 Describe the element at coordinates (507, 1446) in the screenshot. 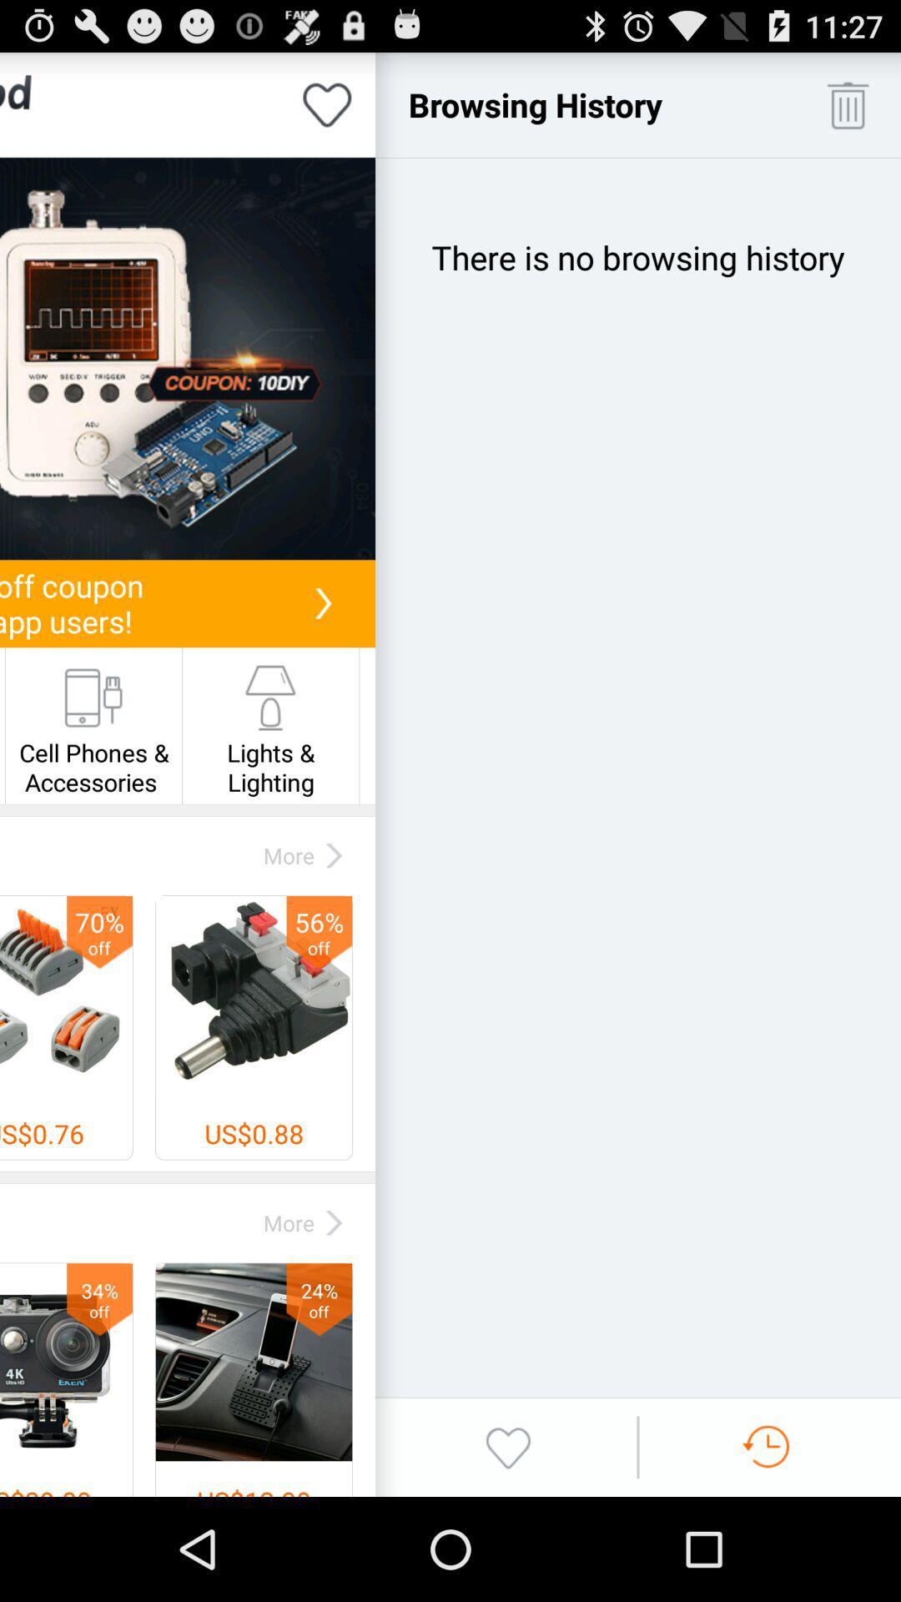

I see `favorites` at that location.